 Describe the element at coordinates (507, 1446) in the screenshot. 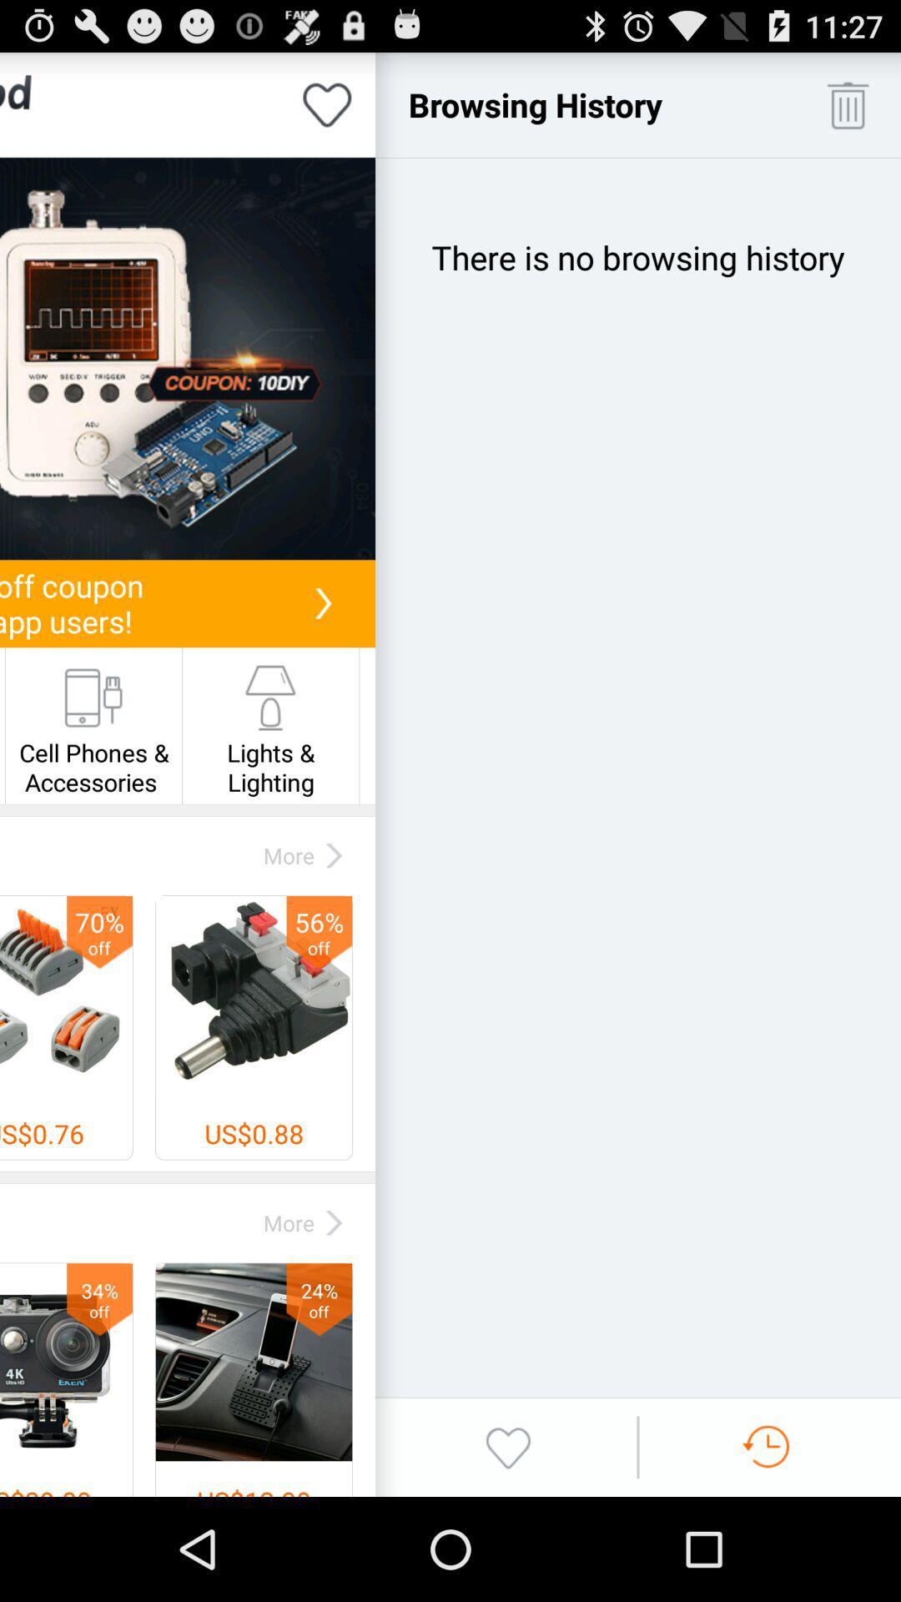

I see `favorites` at that location.